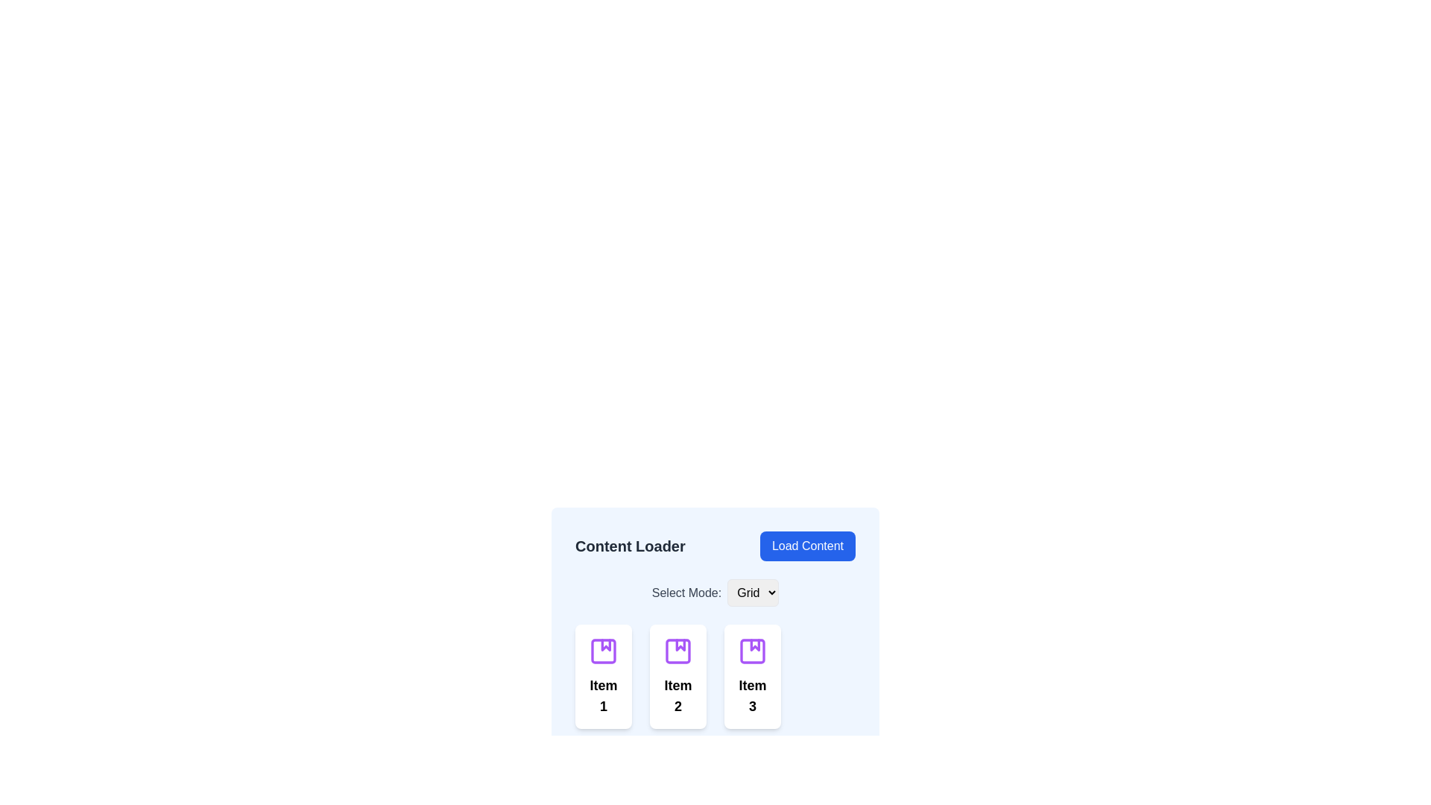  What do you see at coordinates (753, 592) in the screenshot?
I see `the dropdown menu labeled 'Grid', which is part of a horizontal line of elements in the mid-section of the interface, following the text 'Select Mode:' to its left` at bounding box center [753, 592].